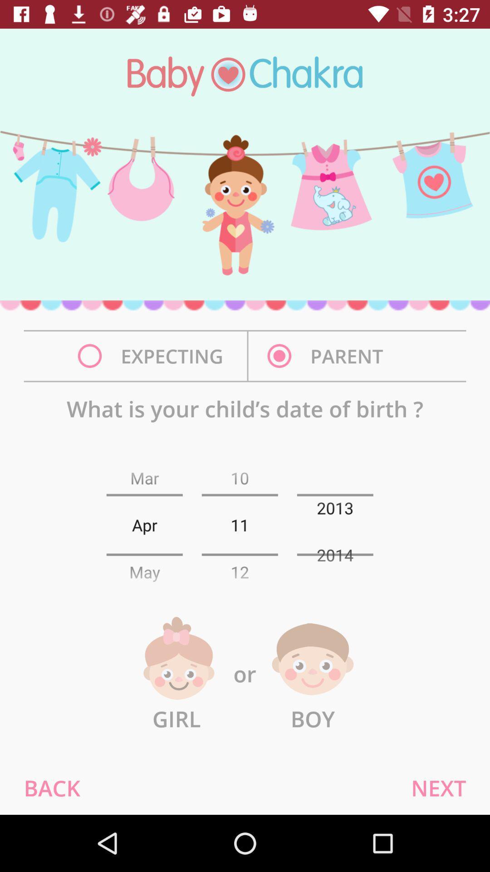 The height and width of the screenshot is (872, 490). Describe the element at coordinates (438, 787) in the screenshot. I see `next` at that location.